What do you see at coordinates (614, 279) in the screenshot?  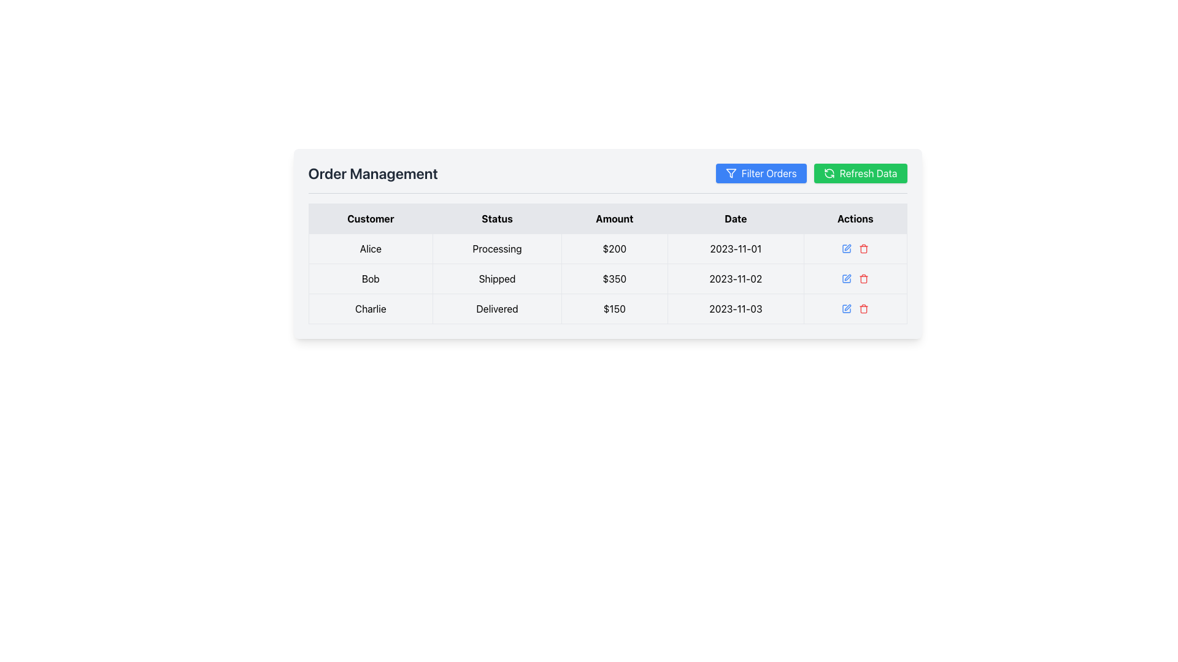 I see `the static text displaying '$350', which is styled with padding and a border, located centrally in the 'Amount' column of Bob's order table` at bounding box center [614, 279].